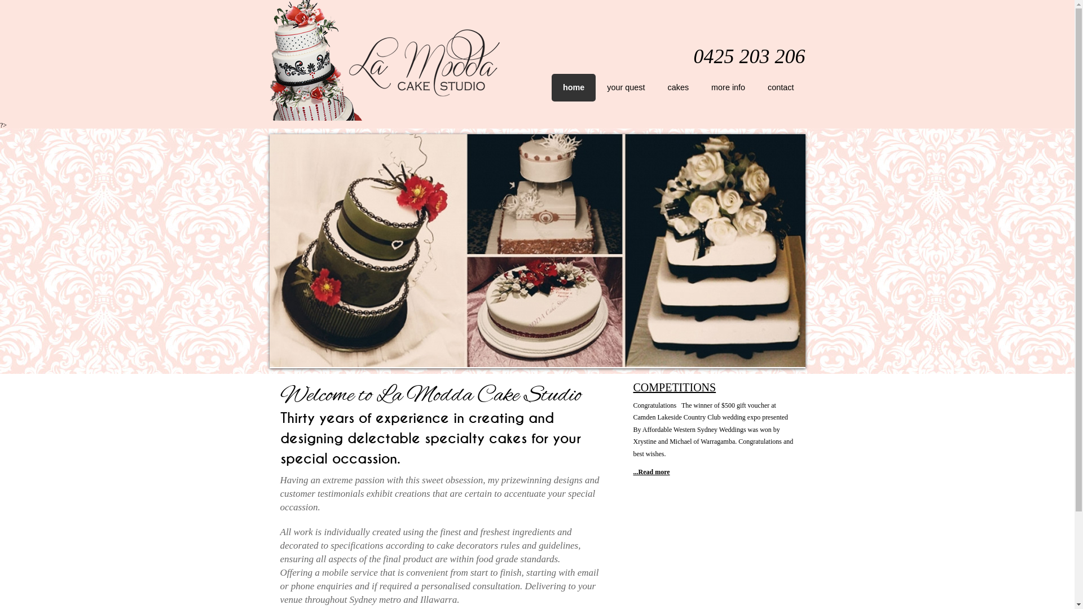 The image size is (1083, 609). Describe the element at coordinates (651, 472) in the screenshot. I see `'...Read more'` at that location.